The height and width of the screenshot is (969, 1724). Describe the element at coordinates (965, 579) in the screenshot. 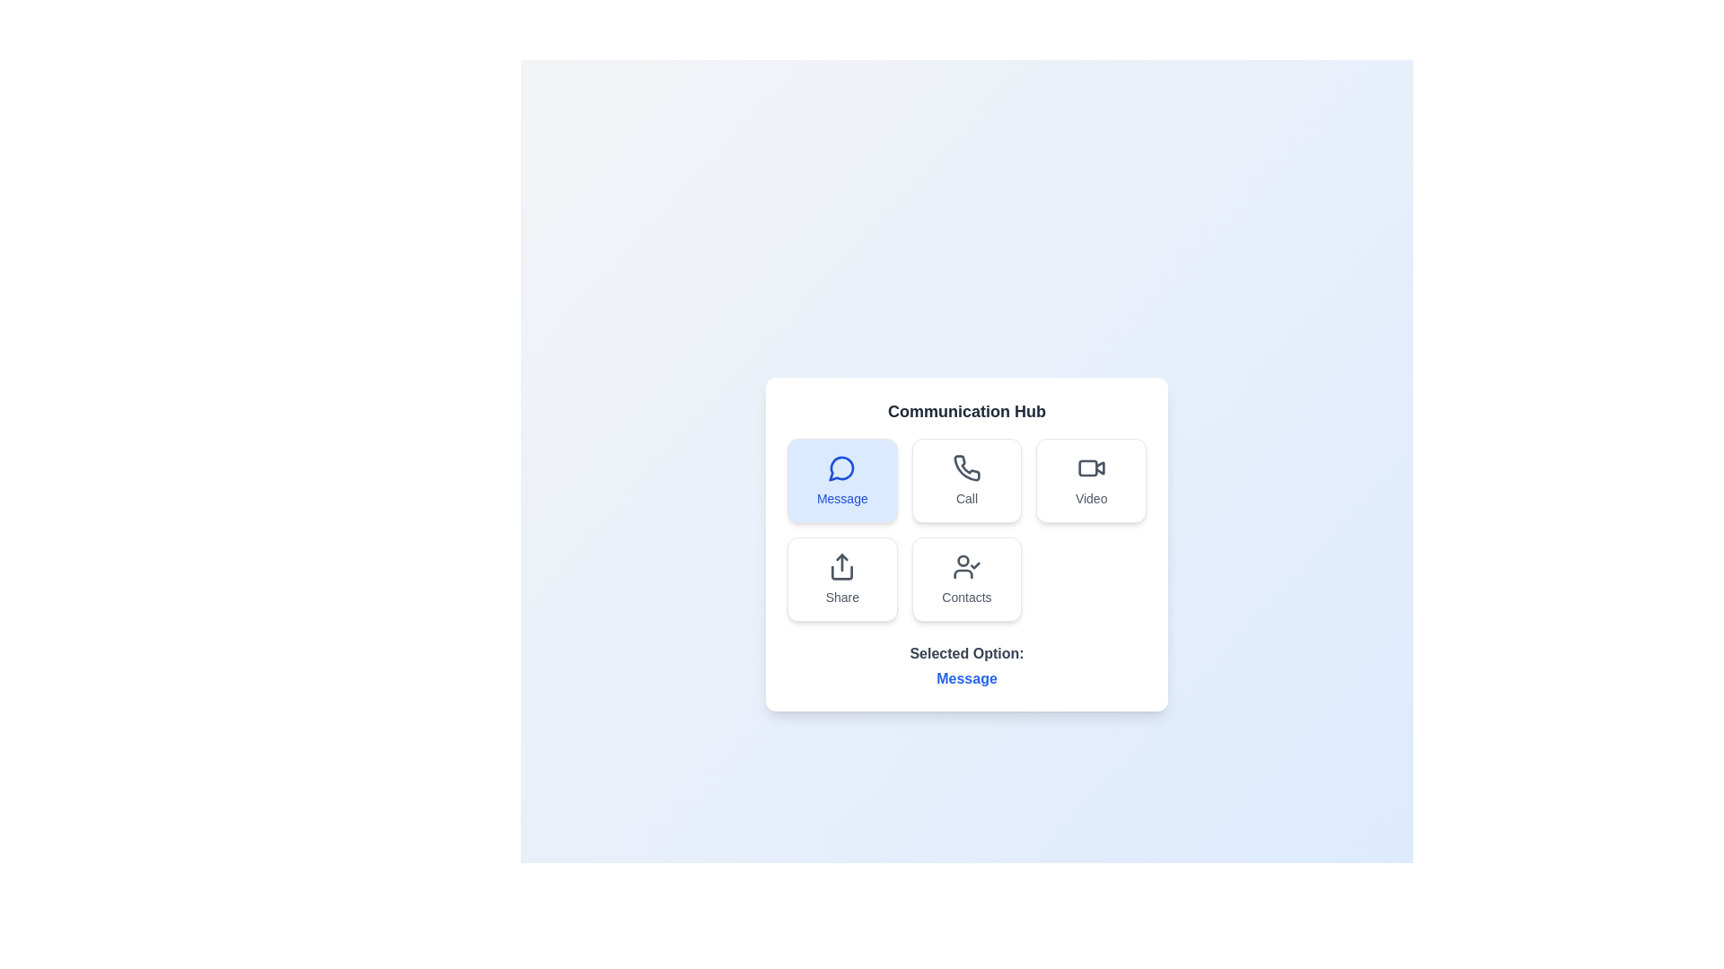

I see `the communication option Contacts by clicking on its respective button` at that location.